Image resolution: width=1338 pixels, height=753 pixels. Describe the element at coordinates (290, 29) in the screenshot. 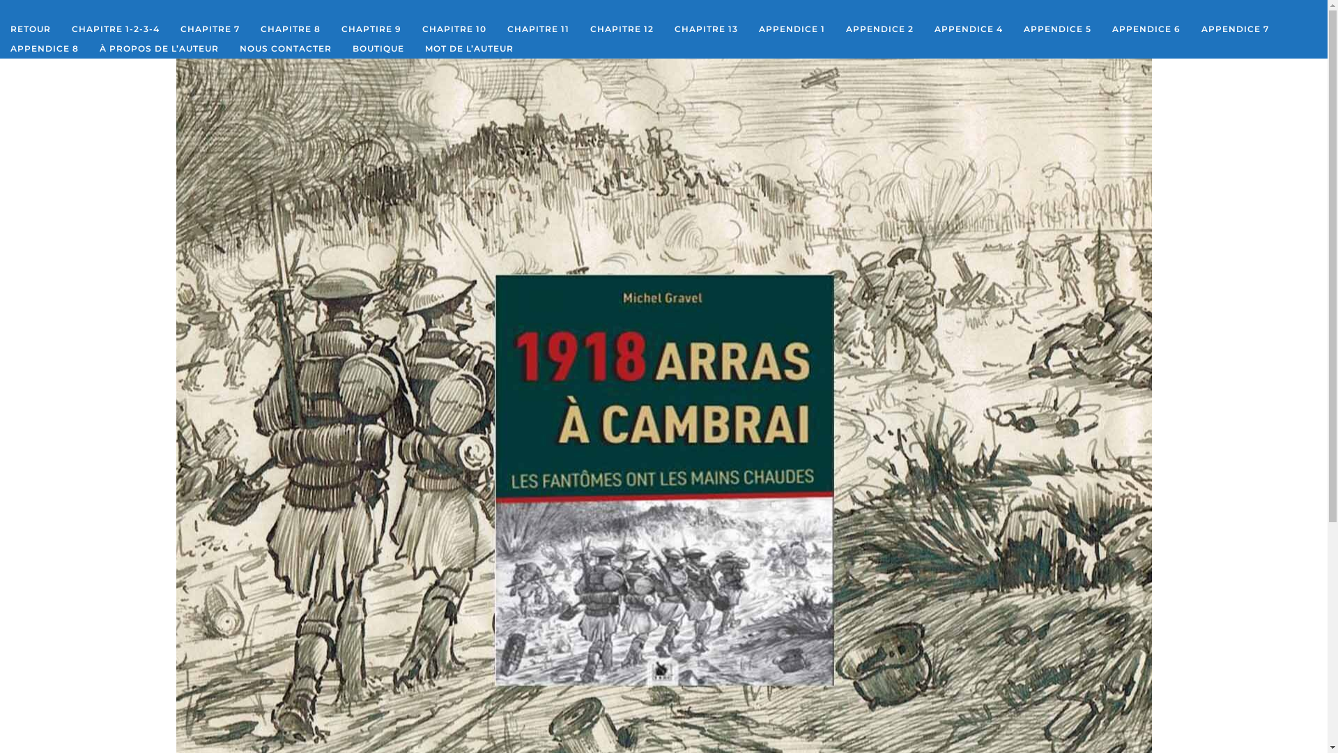

I see `'CHAPITRE 8'` at that location.